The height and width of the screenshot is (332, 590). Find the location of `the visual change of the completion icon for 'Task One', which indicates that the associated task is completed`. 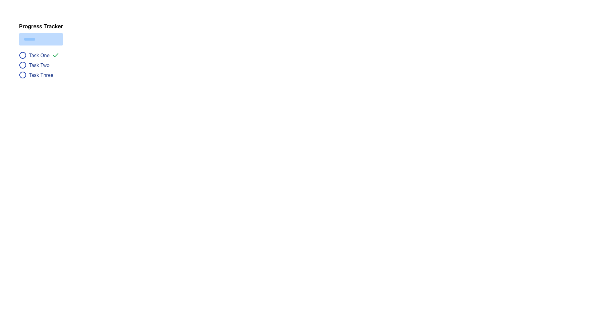

the visual change of the completion icon for 'Task One', which indicates that the associated task is completed is located at coordinates (56, 55).